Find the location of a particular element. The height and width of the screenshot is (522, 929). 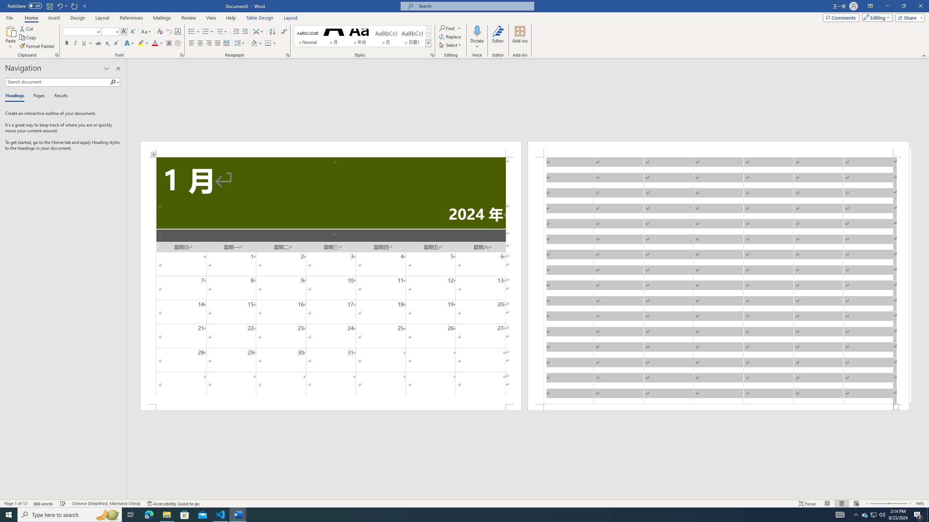

'Undo Grow Font' is located at coordinates (59, 5).